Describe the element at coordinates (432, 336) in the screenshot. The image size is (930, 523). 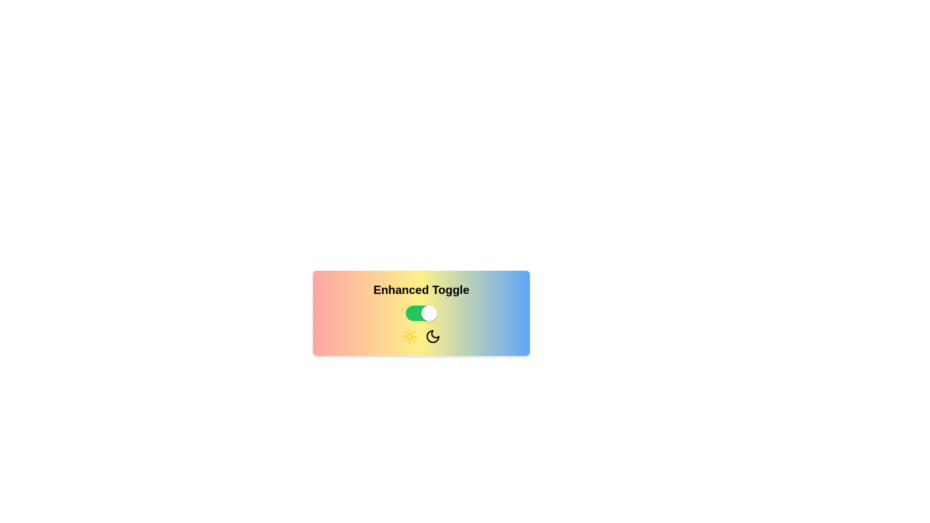
I see `the Moon icon to toggle the state to inactive` at that location.